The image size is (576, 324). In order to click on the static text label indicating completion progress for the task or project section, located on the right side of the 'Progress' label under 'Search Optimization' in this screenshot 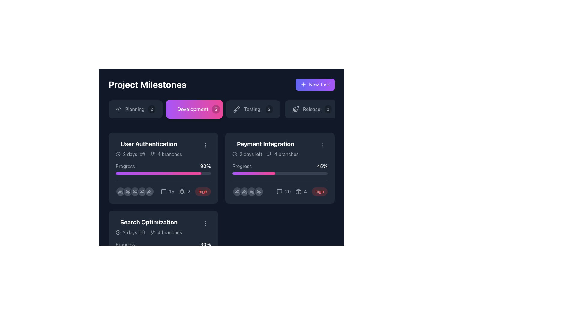, I will do `click(205, 244)`.